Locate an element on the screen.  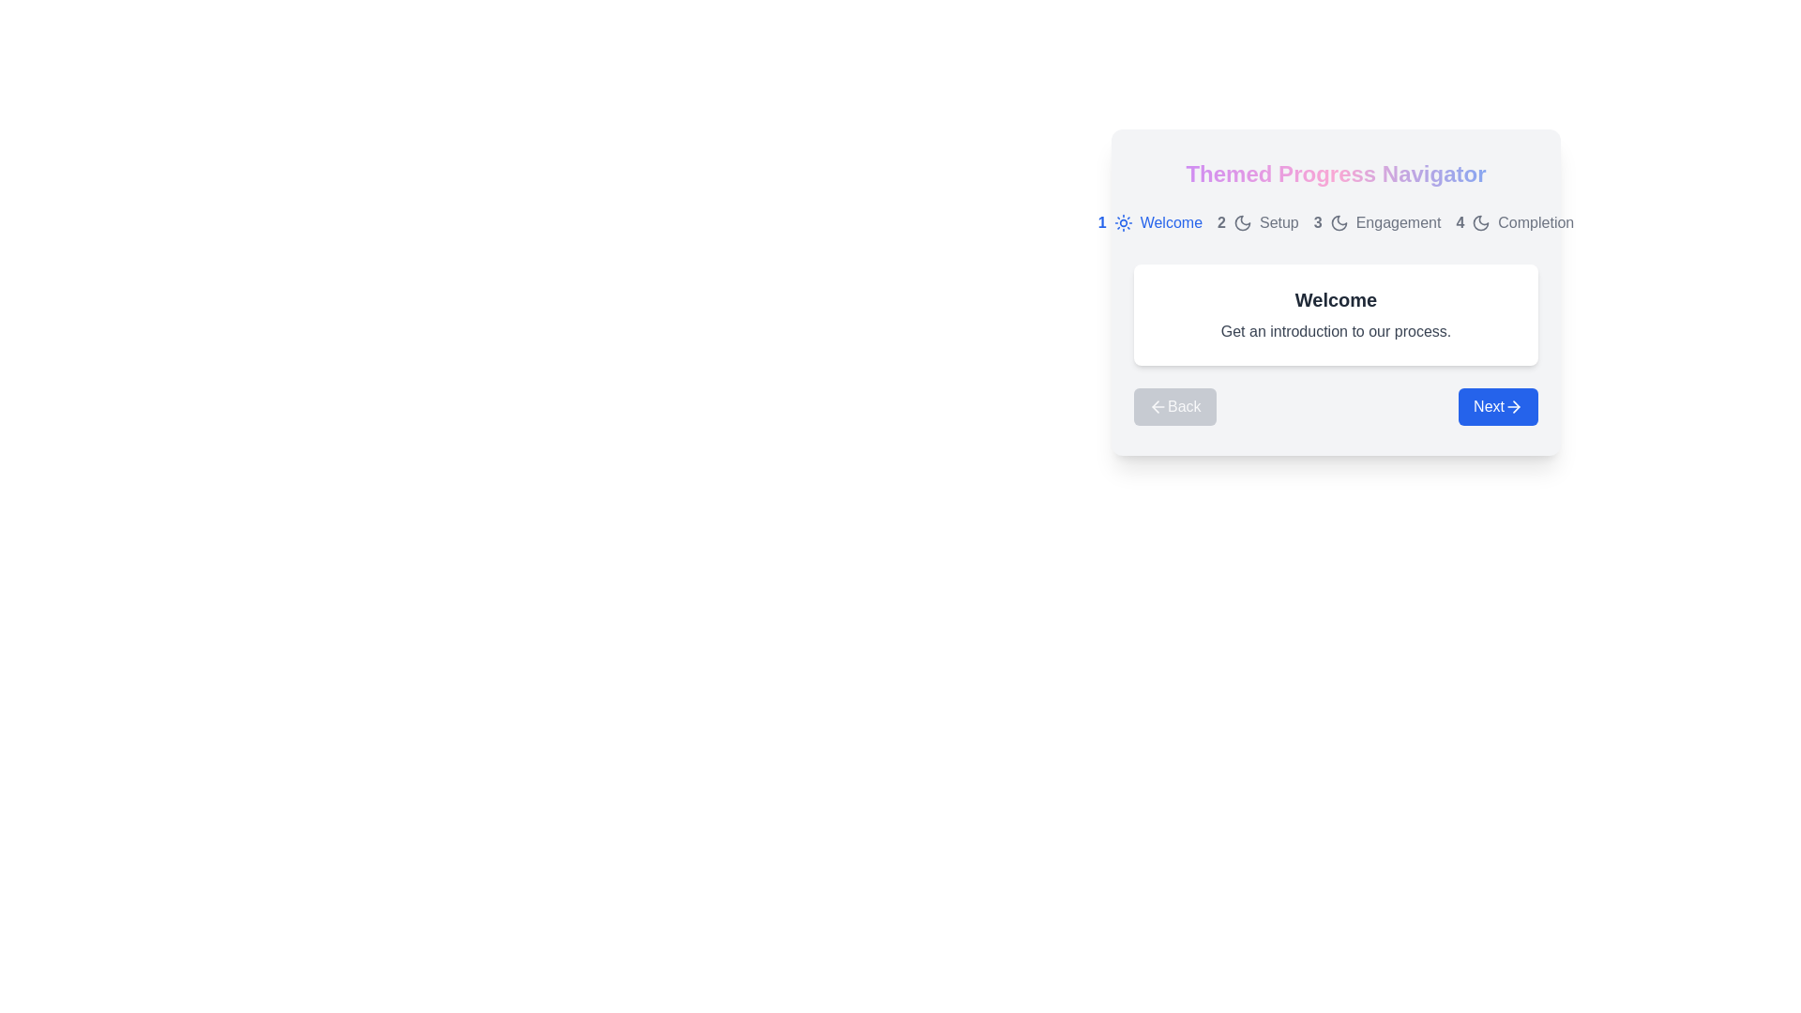
the phase indicator corresponding to phase 1 is located at coordinates (1148, 222).